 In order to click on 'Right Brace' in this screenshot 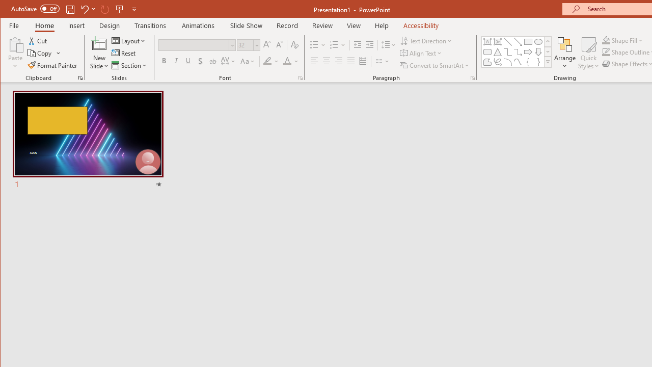, I will do `click(538, 62)`.